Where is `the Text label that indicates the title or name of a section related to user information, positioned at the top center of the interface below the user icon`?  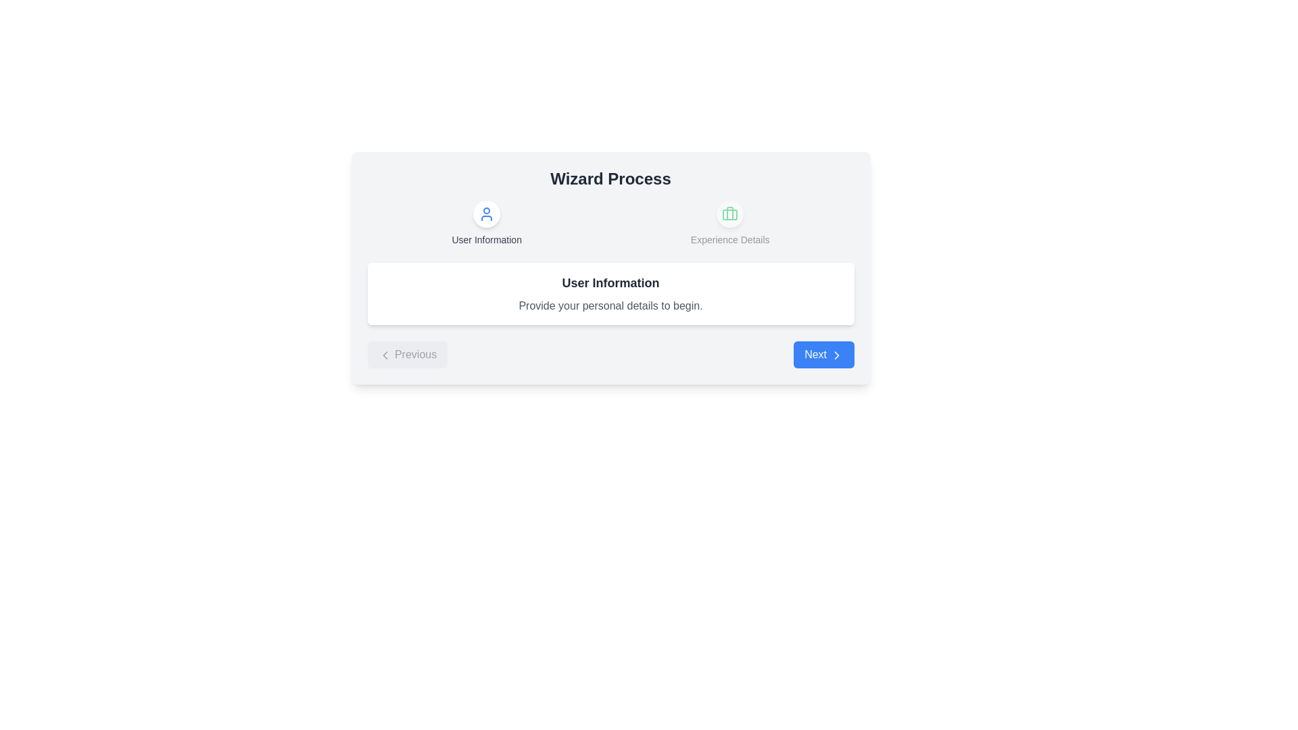
the Text label that indicates the title or name of a section related to user information, positioned at the top center of the interface below the user icon is located at coordinates (487, 239).